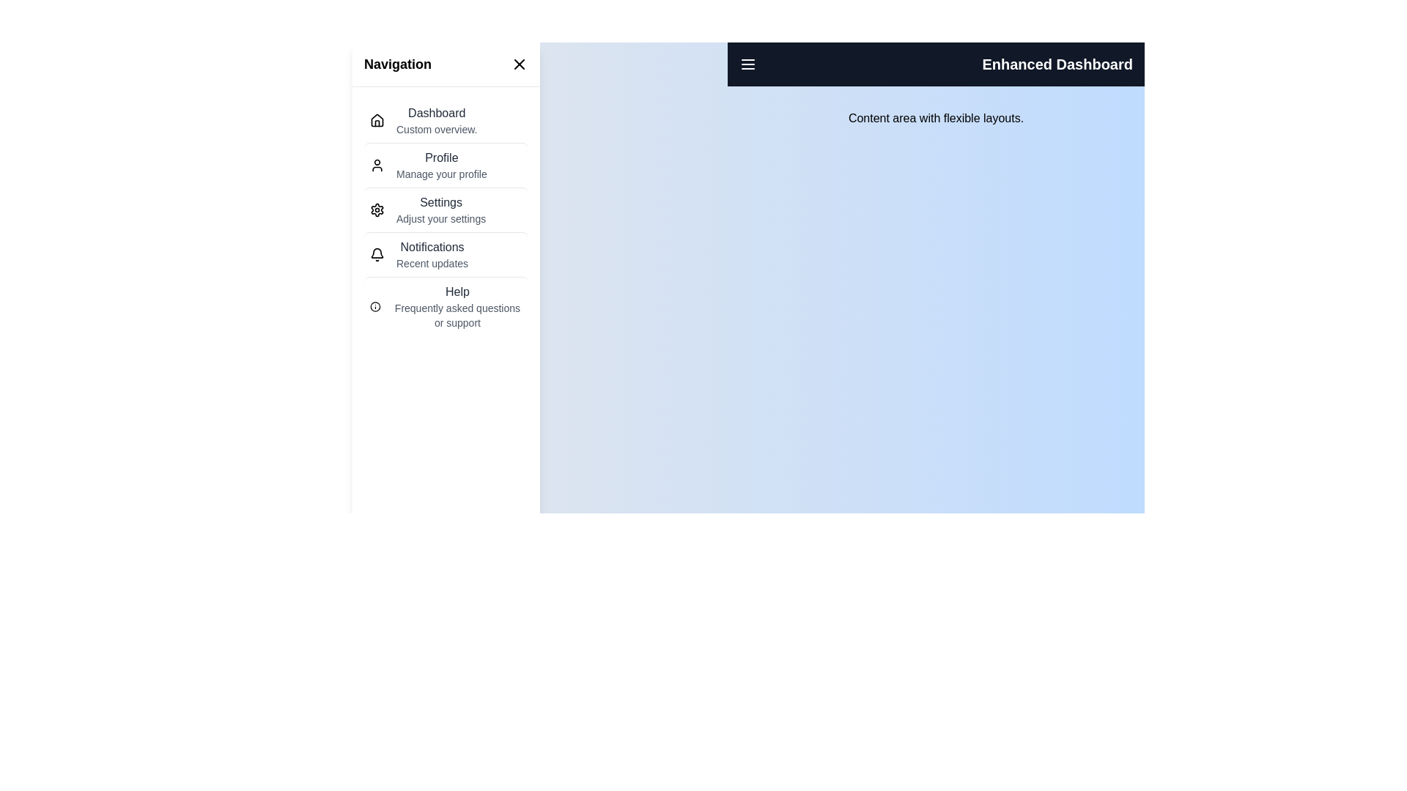 This screenshot has height=791, width=1407. Describe the element at coordinates (457, 315) in the screenshot. I see `the descriptive text label associated with the 'Help' section in the navigation menu, which provides context or guidance to users` at that location.